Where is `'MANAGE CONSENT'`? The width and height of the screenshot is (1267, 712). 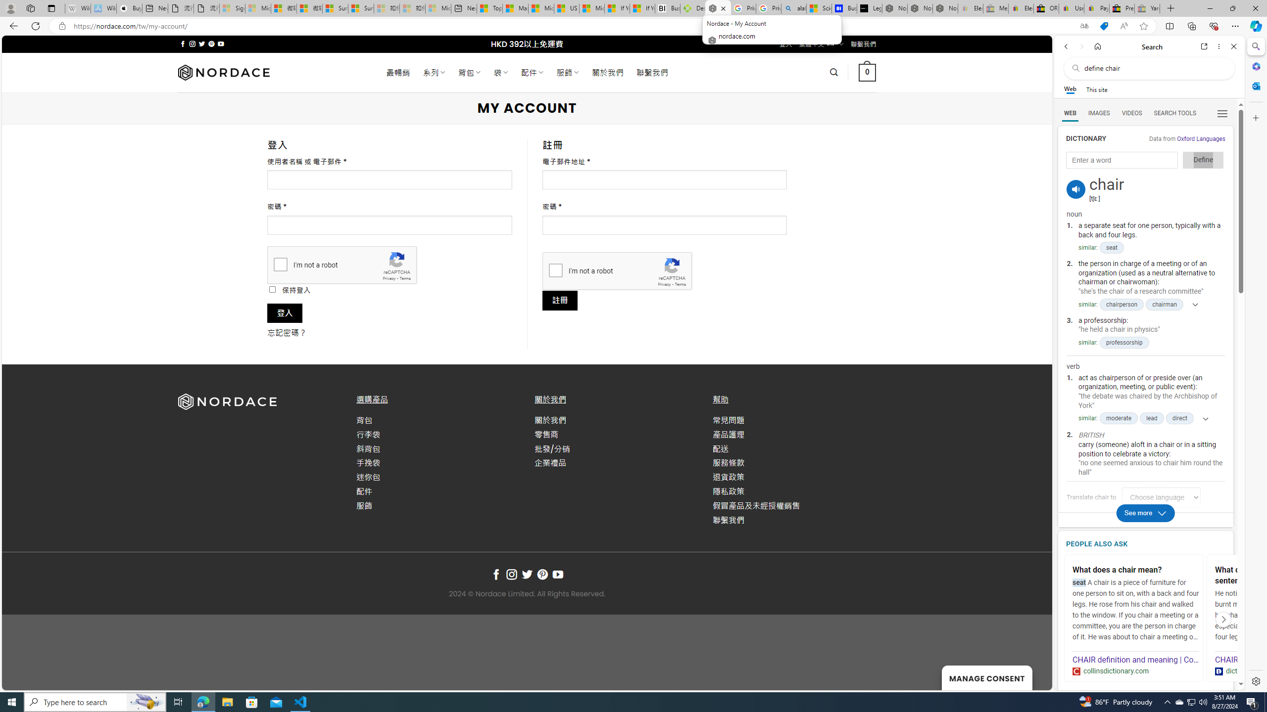
'MANAGE CONSENT' is located at coordinates (986, 677).